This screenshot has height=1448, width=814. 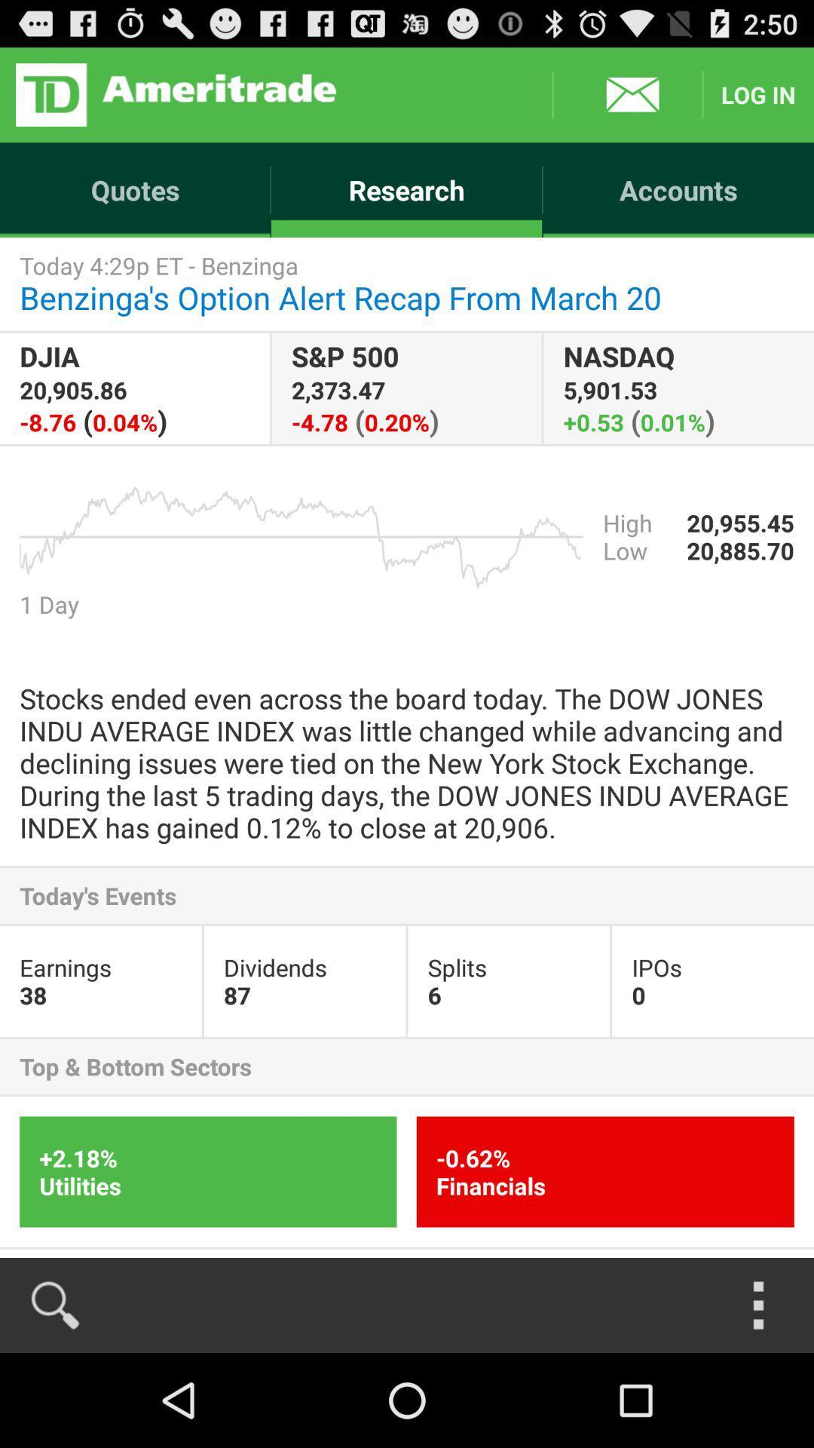 I want to click on check your mail or notifications, so click(x=627, y=94).